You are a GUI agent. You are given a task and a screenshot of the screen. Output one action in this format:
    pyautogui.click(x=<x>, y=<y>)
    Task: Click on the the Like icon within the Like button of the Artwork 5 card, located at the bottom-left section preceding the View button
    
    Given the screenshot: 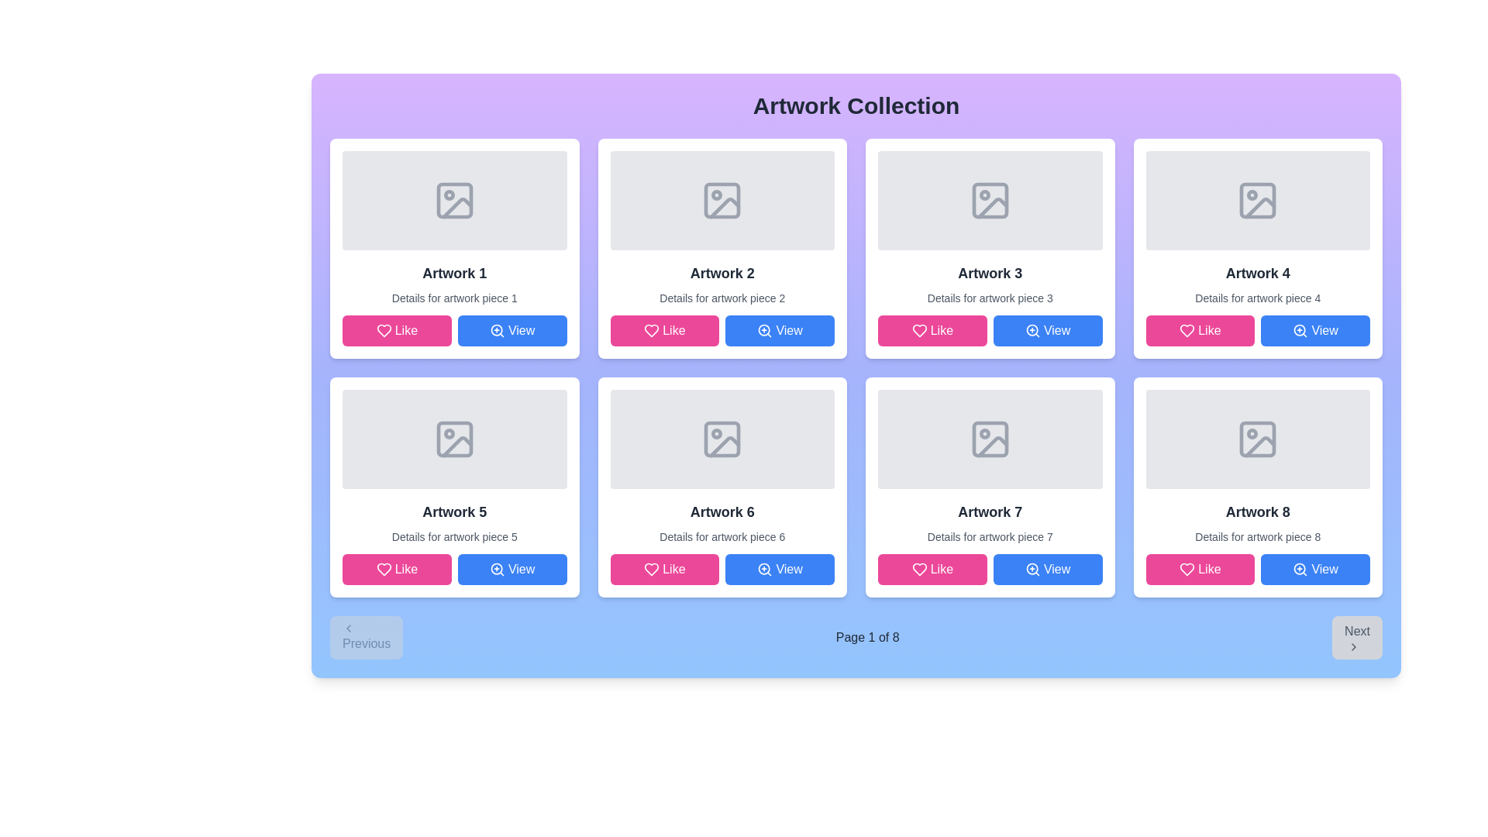 What is the action you would take?
    pyautogui.click(x=384, y=570)
    